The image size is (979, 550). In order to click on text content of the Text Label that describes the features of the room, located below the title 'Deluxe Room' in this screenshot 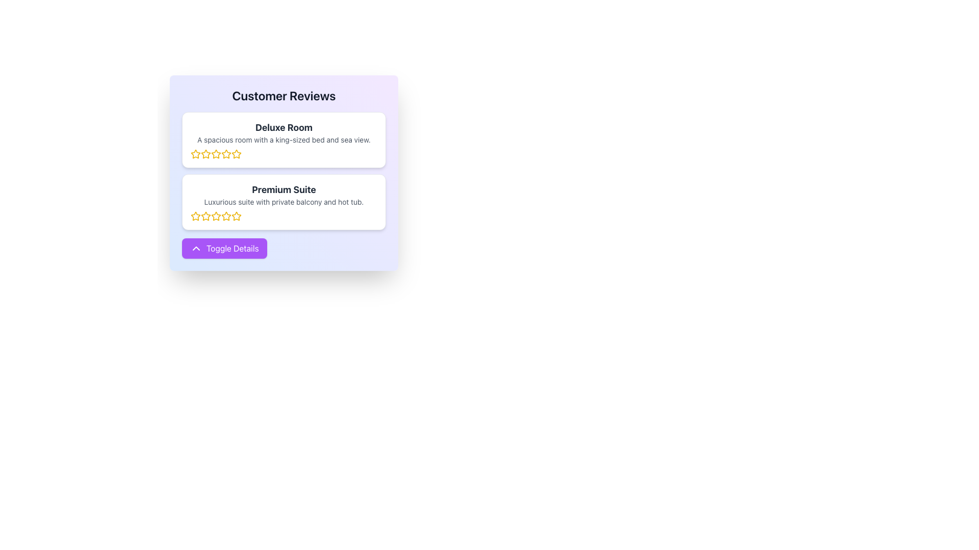, I will do `click(284, 140)`.